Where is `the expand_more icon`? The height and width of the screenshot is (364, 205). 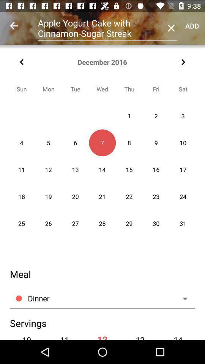
the expand_more icon is located at coordinates (183, 293).